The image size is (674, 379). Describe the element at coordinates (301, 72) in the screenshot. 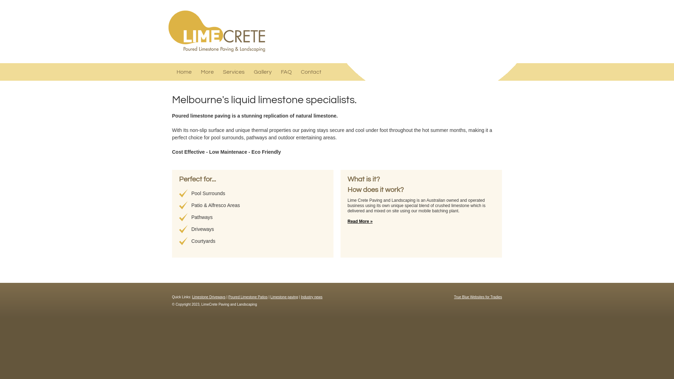

I see `'Contact'` at that location.